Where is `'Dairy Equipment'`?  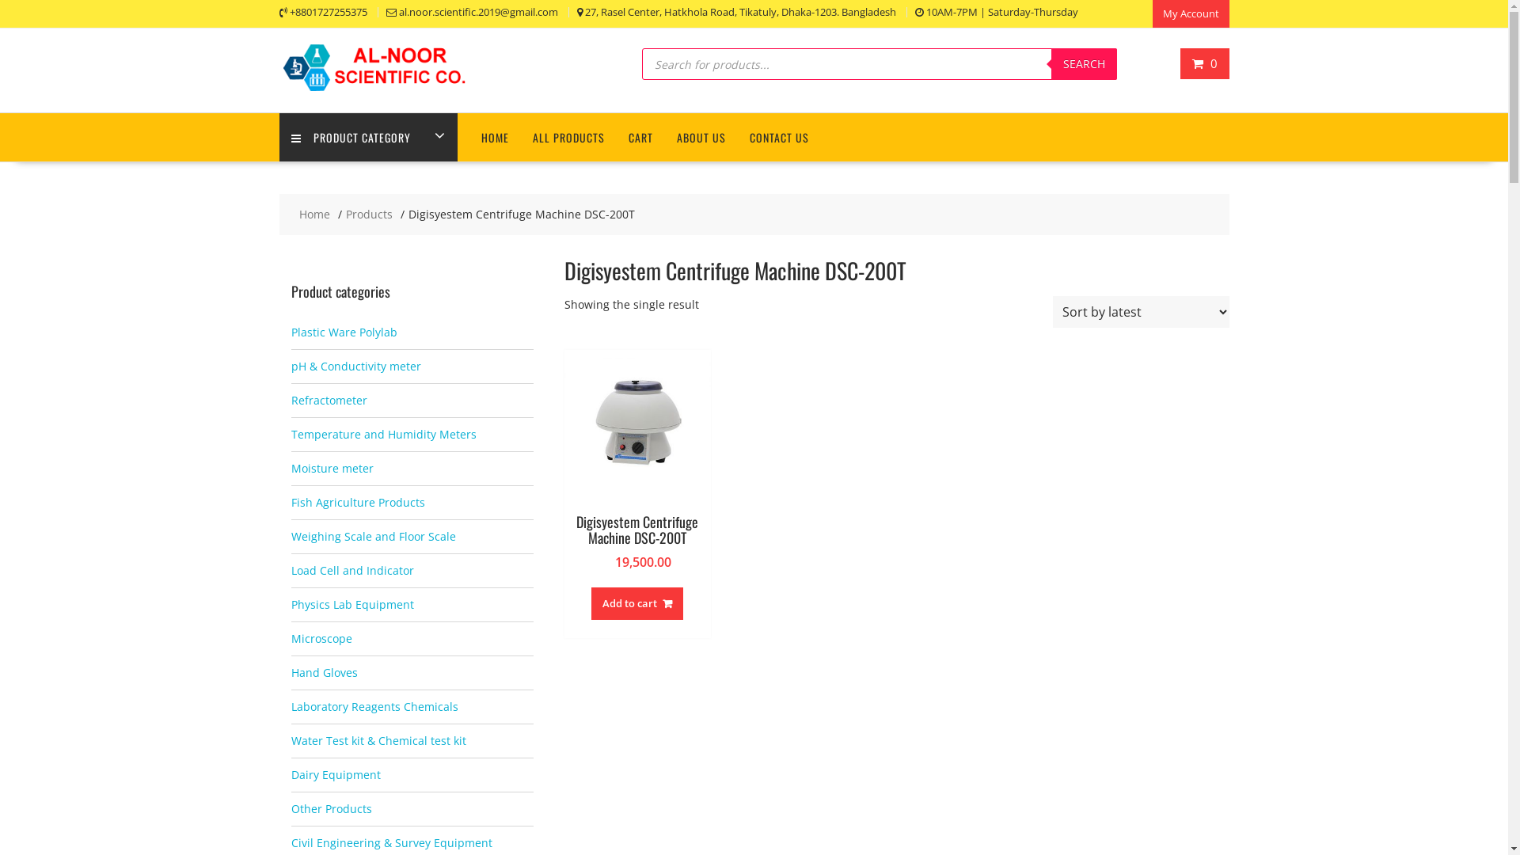 'Dairy Equipment' is located at coordinates (291, 773).